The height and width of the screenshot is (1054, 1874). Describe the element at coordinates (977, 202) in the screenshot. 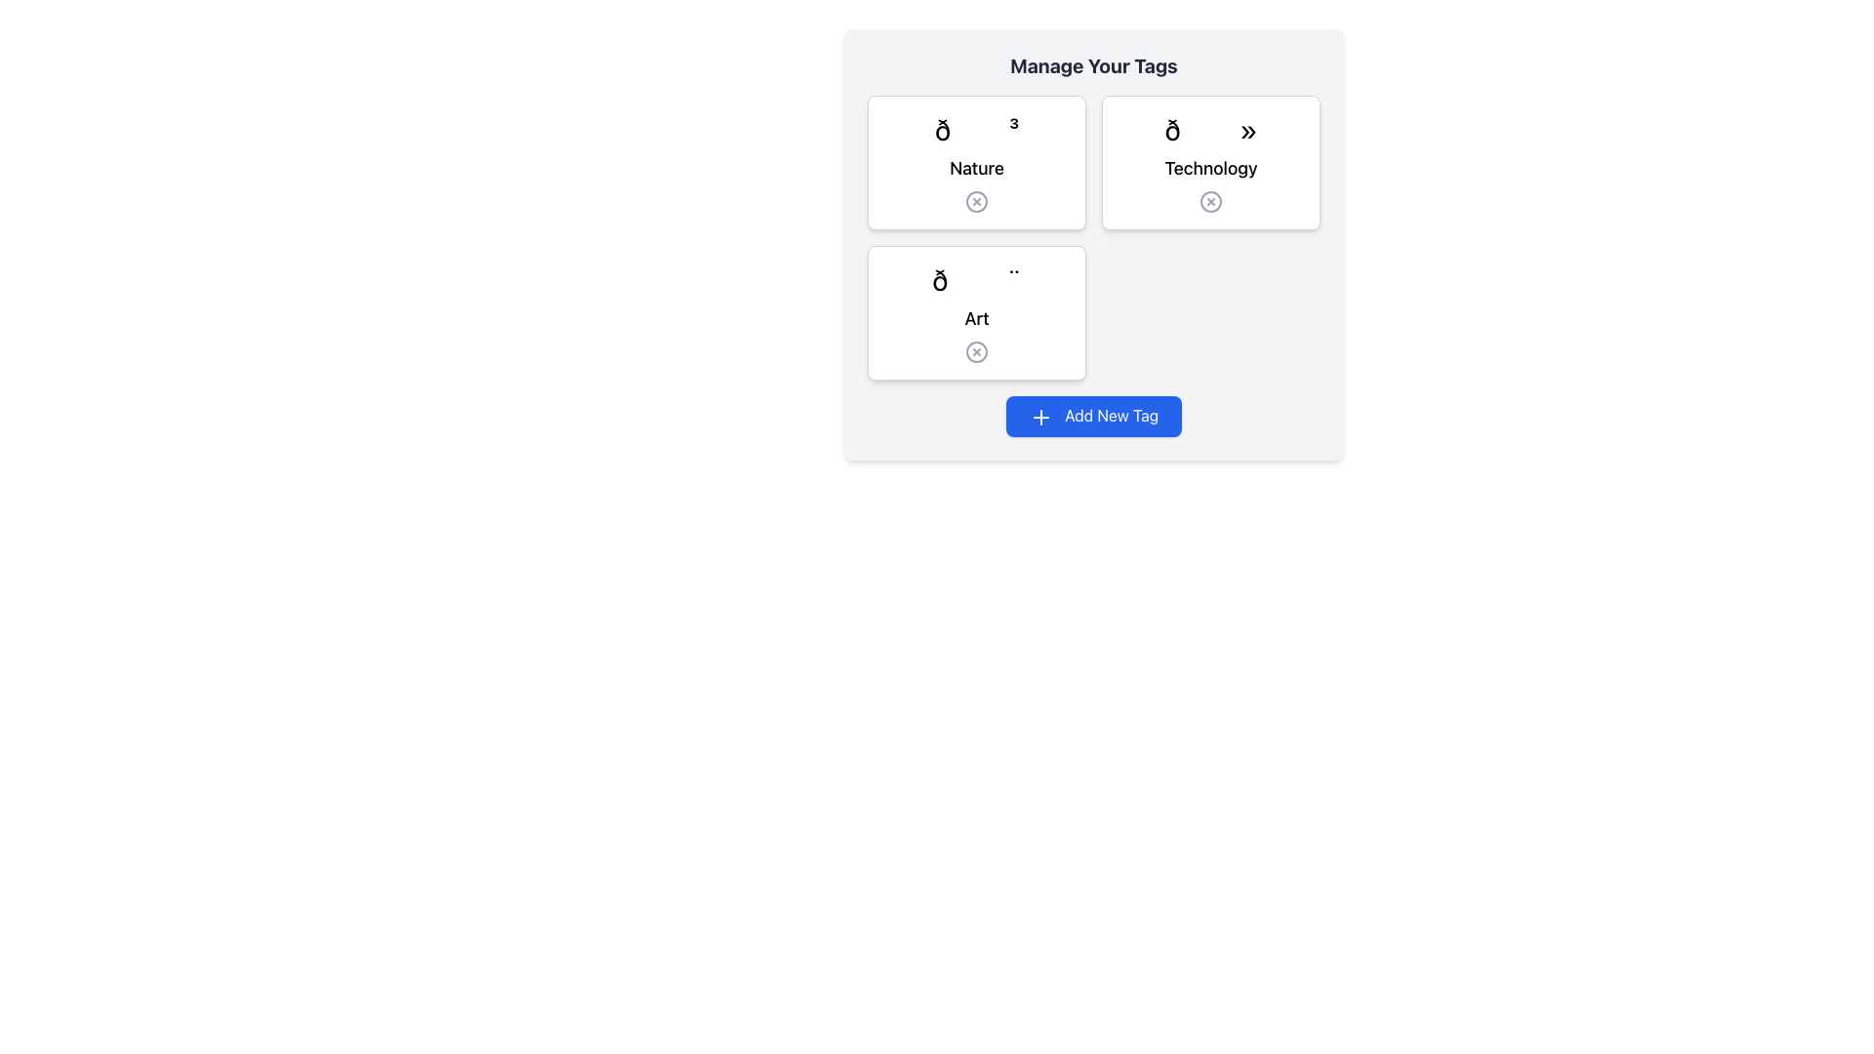

I see `the circular 'X' button with a gray outline` at that location.